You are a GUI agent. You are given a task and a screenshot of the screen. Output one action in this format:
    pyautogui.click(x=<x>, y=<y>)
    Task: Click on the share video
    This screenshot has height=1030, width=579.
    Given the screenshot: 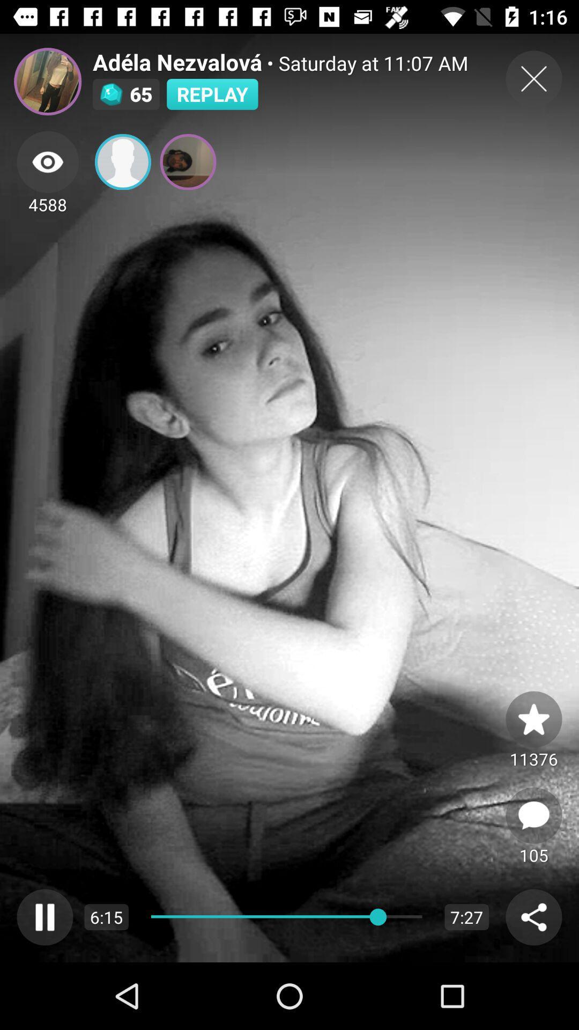 What is the action you would take?
    pyautogui.click(x=533, y=916)
    